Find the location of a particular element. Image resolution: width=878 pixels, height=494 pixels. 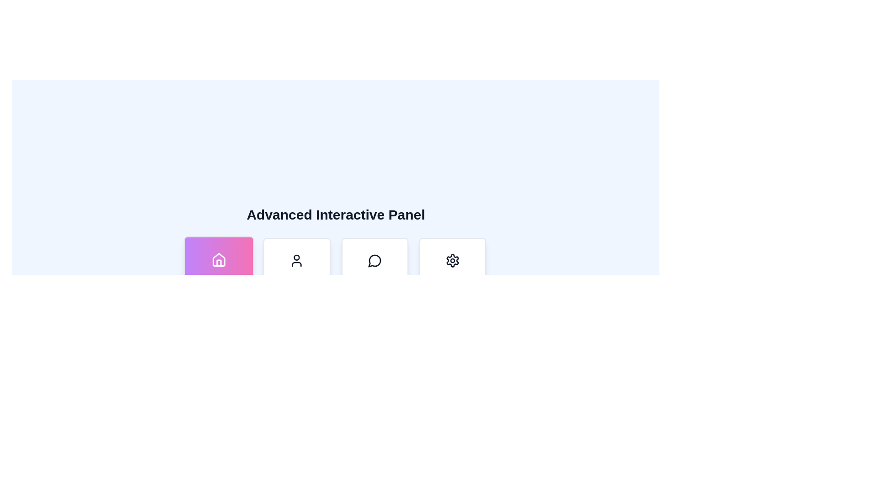

the gear-like icon representing settings functionality, which is located at the top center of the 'Settings' box is located at coordinates (452, 261).